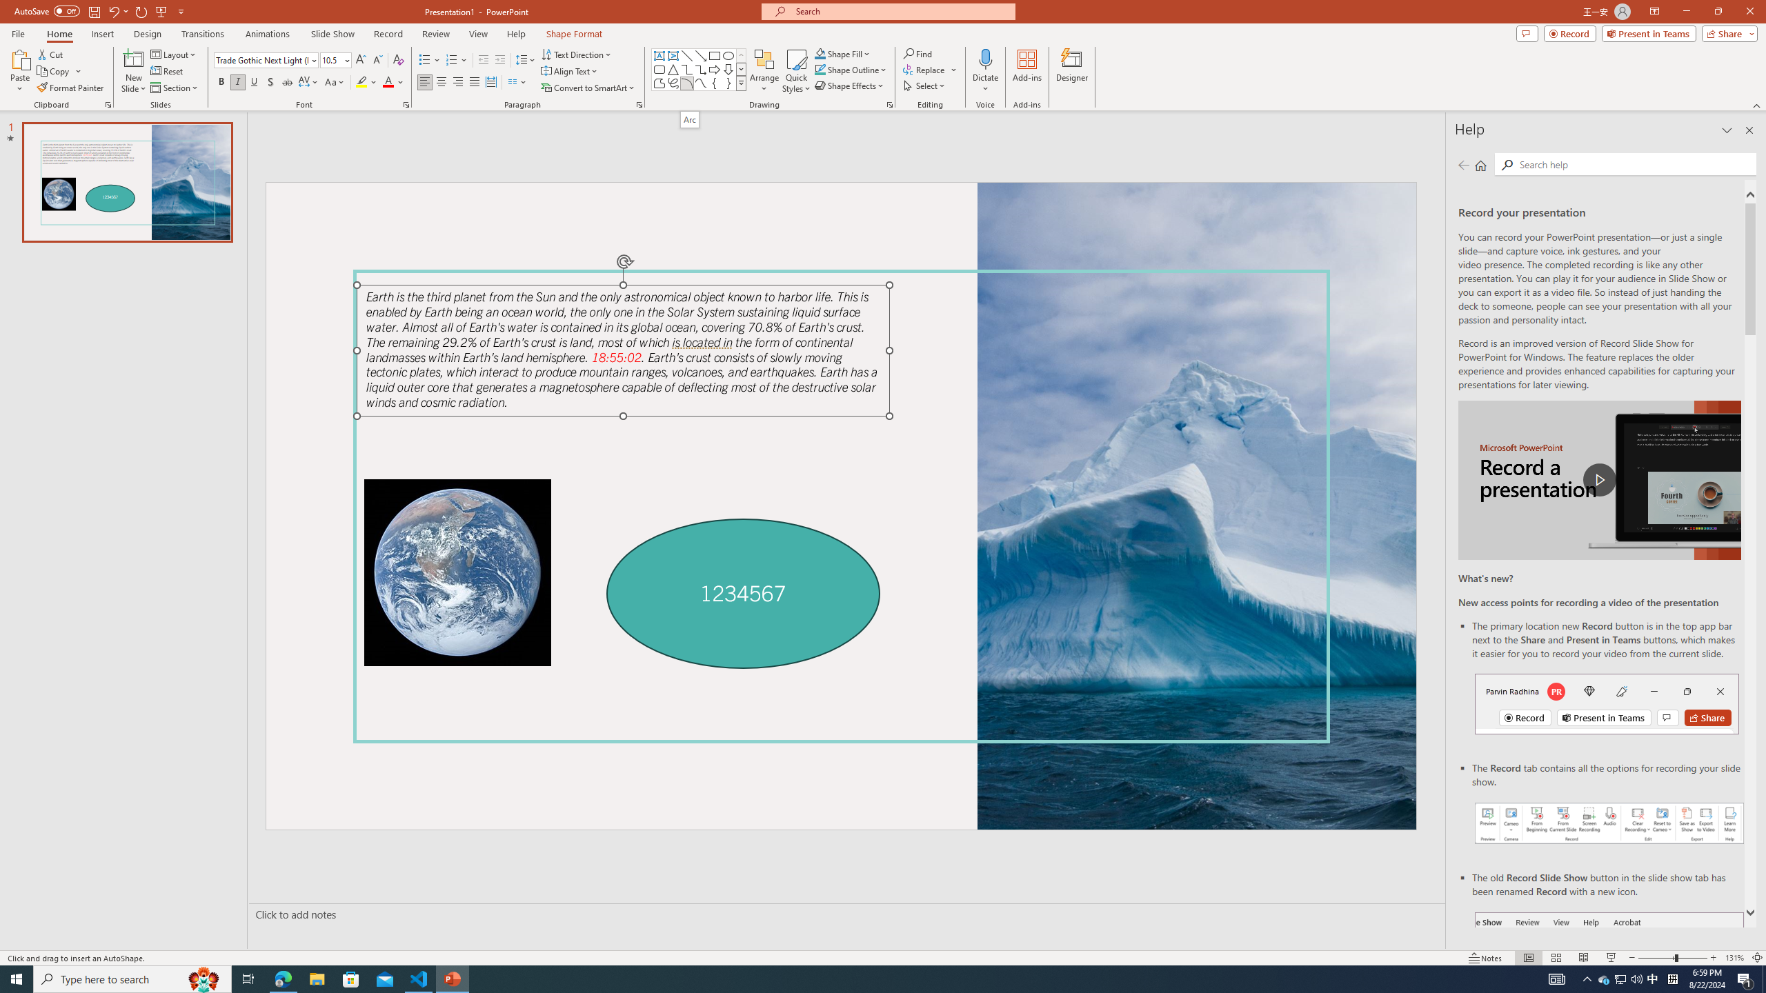 Image resolution: width=1766 pixels, height=993 pixels. Describe the element at coordinates (849, 84) in the screenshot. I see `'Shape Effects'` at that location.